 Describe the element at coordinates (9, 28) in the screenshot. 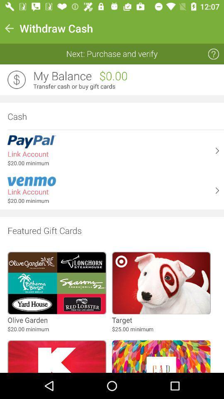

I see `item to the left of the withdraw cash` at that location.